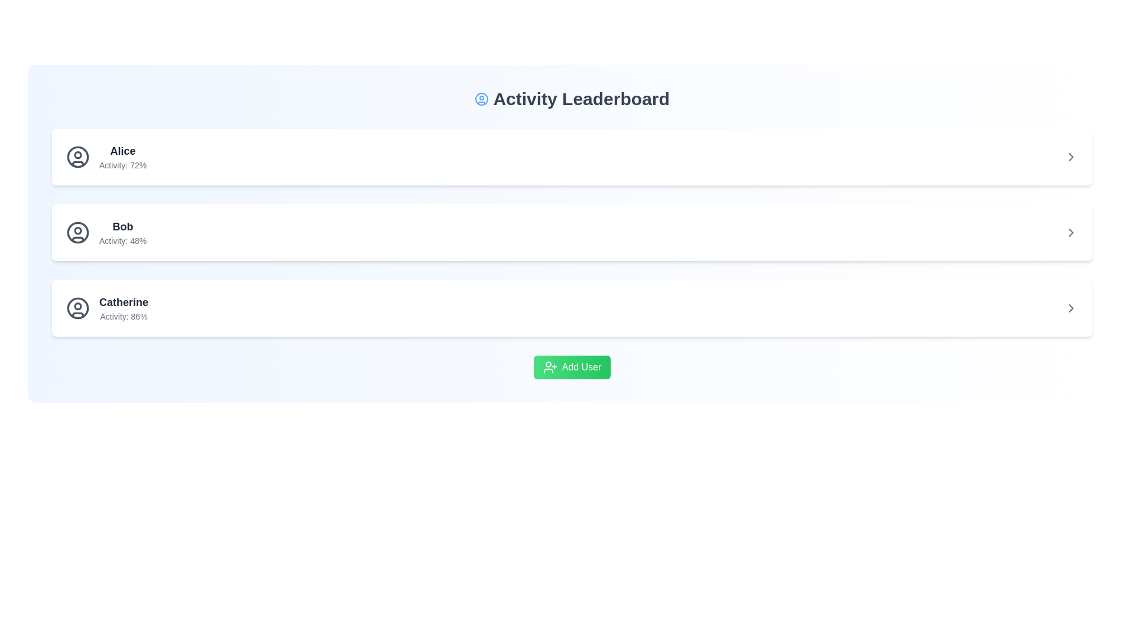 Image resolution: width=1135 pixels, height=638 pixels. Describe the element at coordinates (77, 307) in the screenshot. I see `the user profile icon associated with 'Catherine' in the third row of the 'Activity Leaderboard' as a static component` at that location.